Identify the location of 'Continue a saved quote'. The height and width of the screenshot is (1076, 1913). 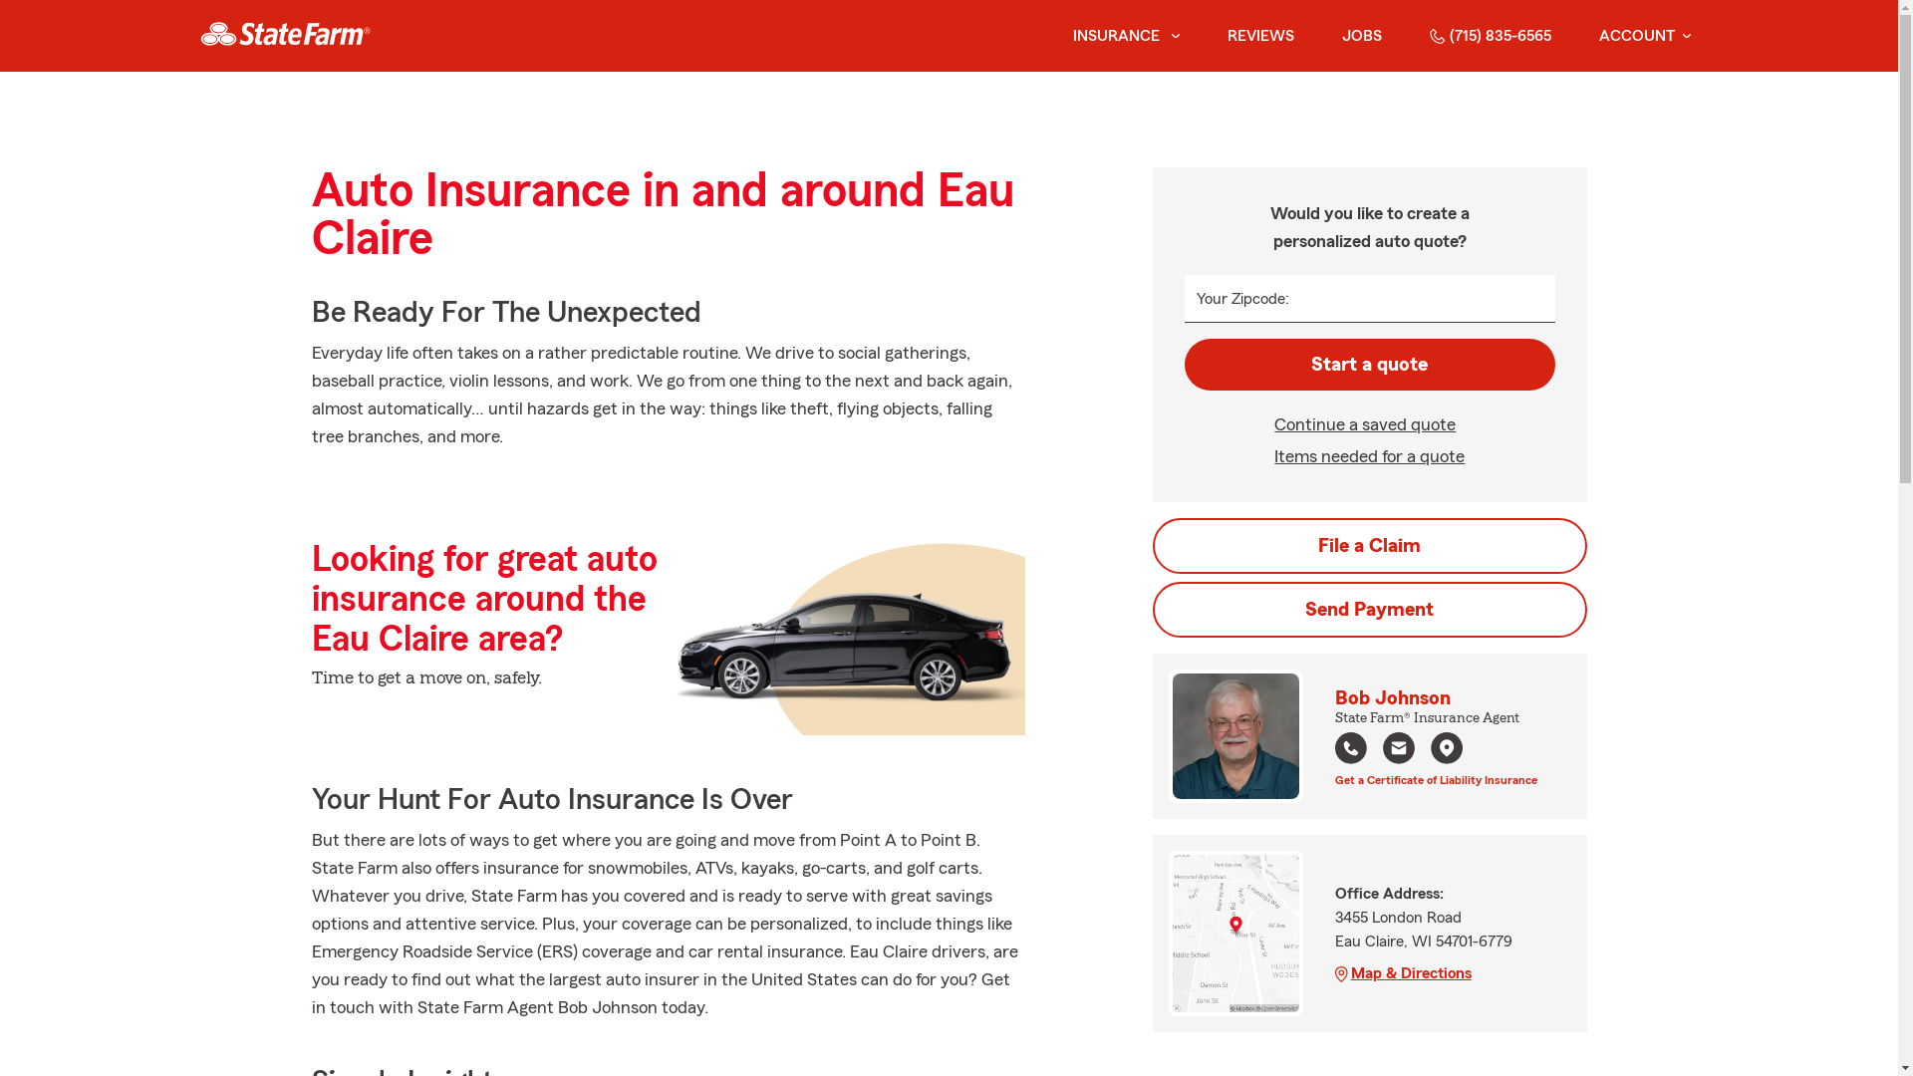
(1368, 422).